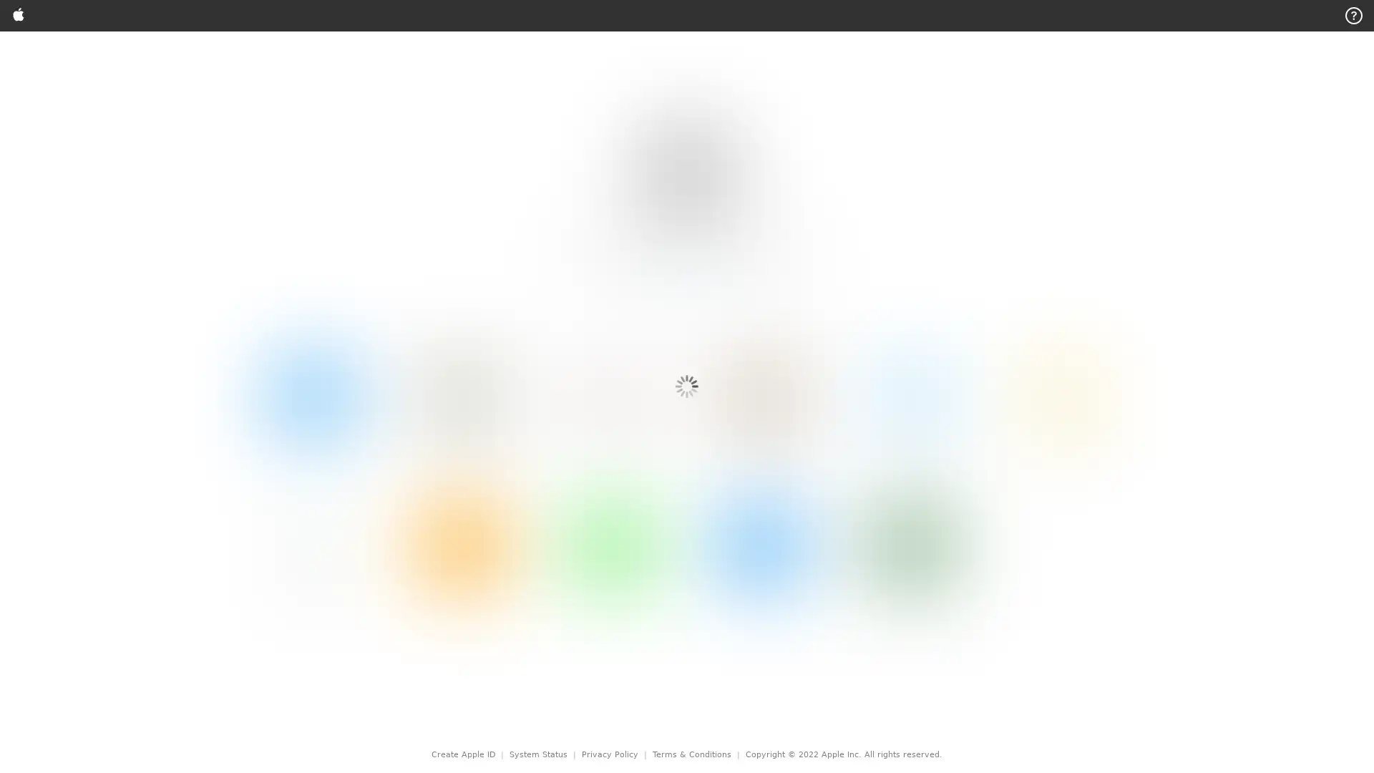 The image size is (1374, 773). Describe the element at coordinates (710, 70) in the screenshot. I see `Create your free Apple ID and get started today` at that location.